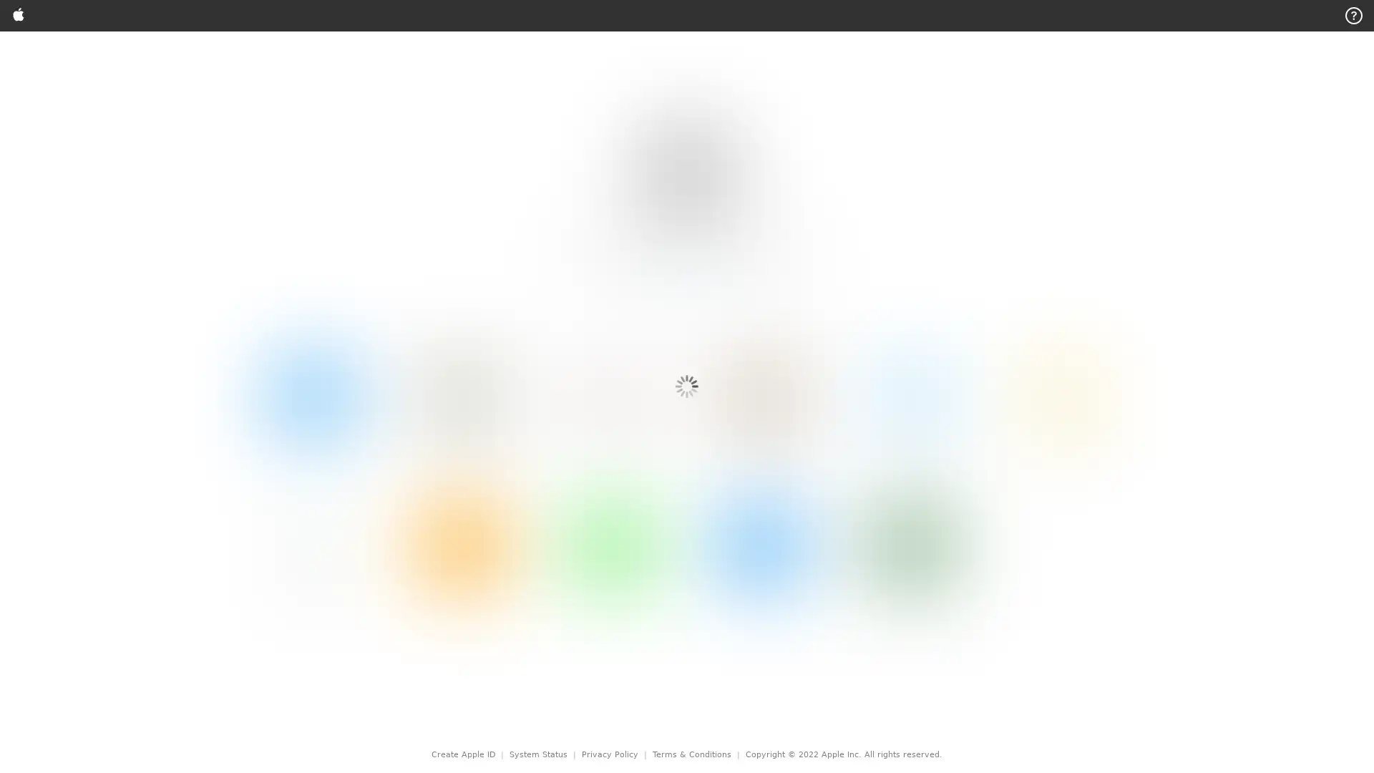 The image size is (1374, 773). Describe the element at coordinates (710, 70) in the screenshot. I see `Create your free Apple ID and get started today` at that location.